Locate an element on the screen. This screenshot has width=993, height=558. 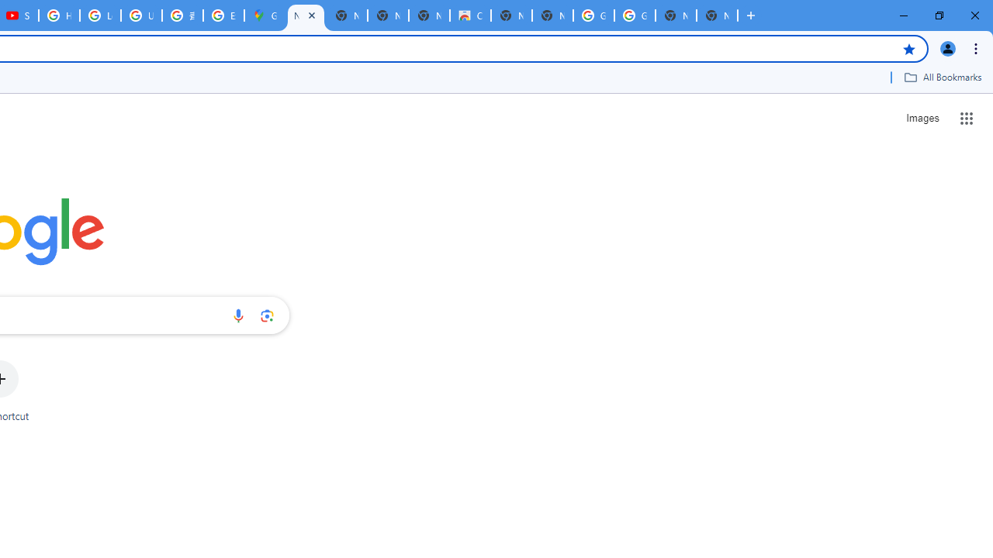
'All Bookmarks' is located at coordinates (942, 77).